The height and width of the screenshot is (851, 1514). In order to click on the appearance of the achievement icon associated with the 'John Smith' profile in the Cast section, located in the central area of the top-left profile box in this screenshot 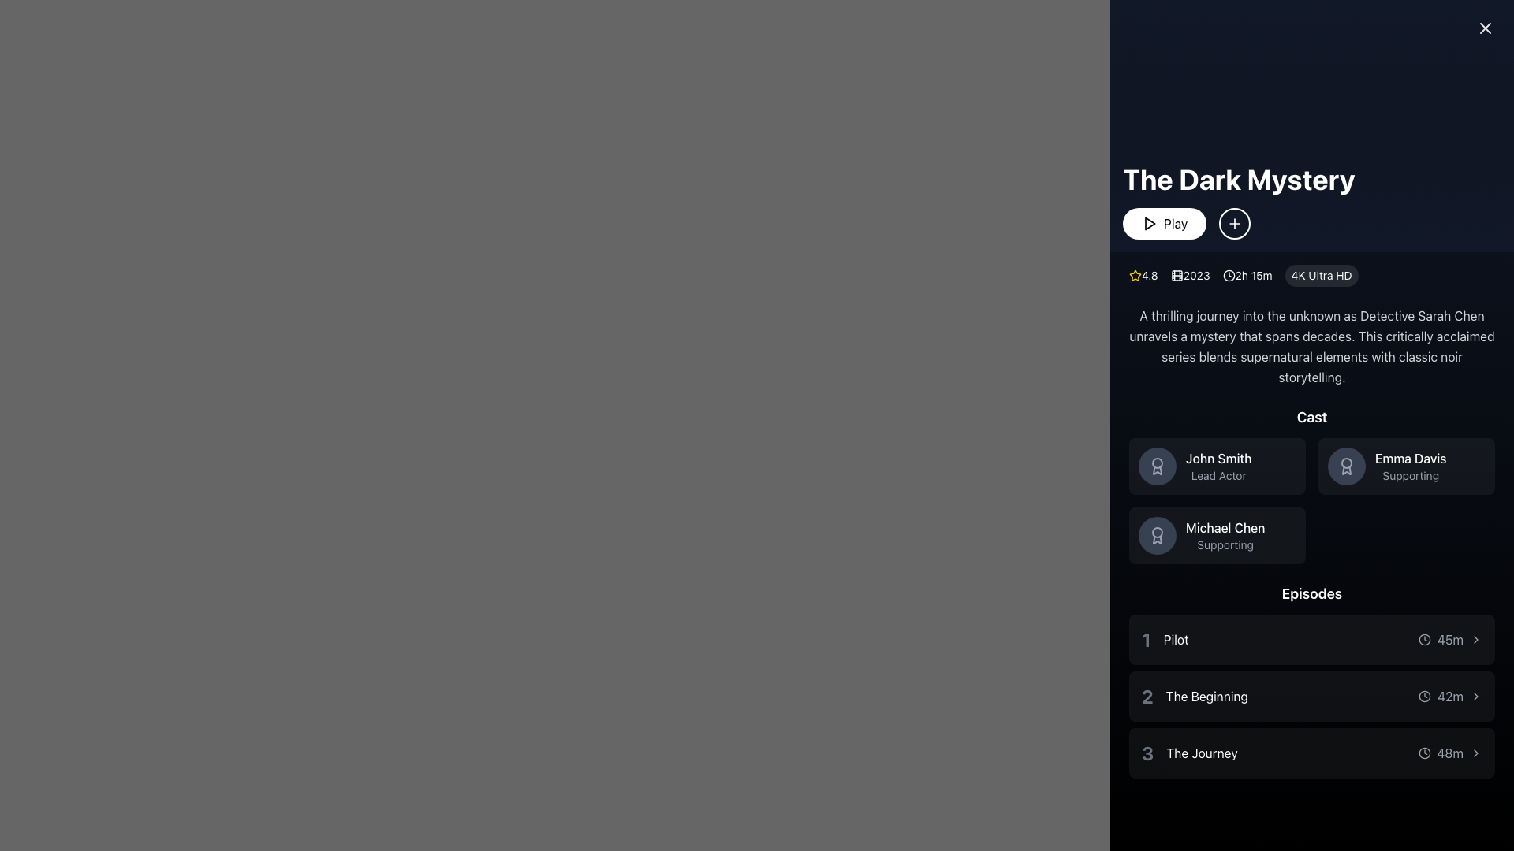, I will do `click(1158, 465)`.